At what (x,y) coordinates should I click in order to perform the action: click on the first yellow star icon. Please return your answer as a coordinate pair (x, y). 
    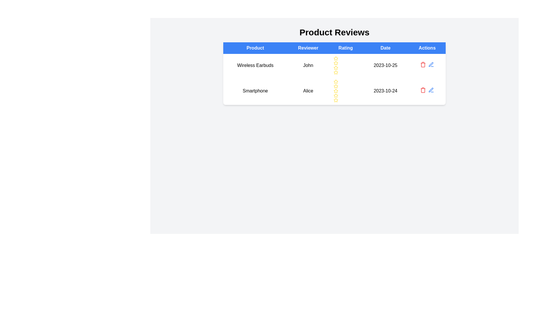
    Looking at the image, I should click on (336, 58).